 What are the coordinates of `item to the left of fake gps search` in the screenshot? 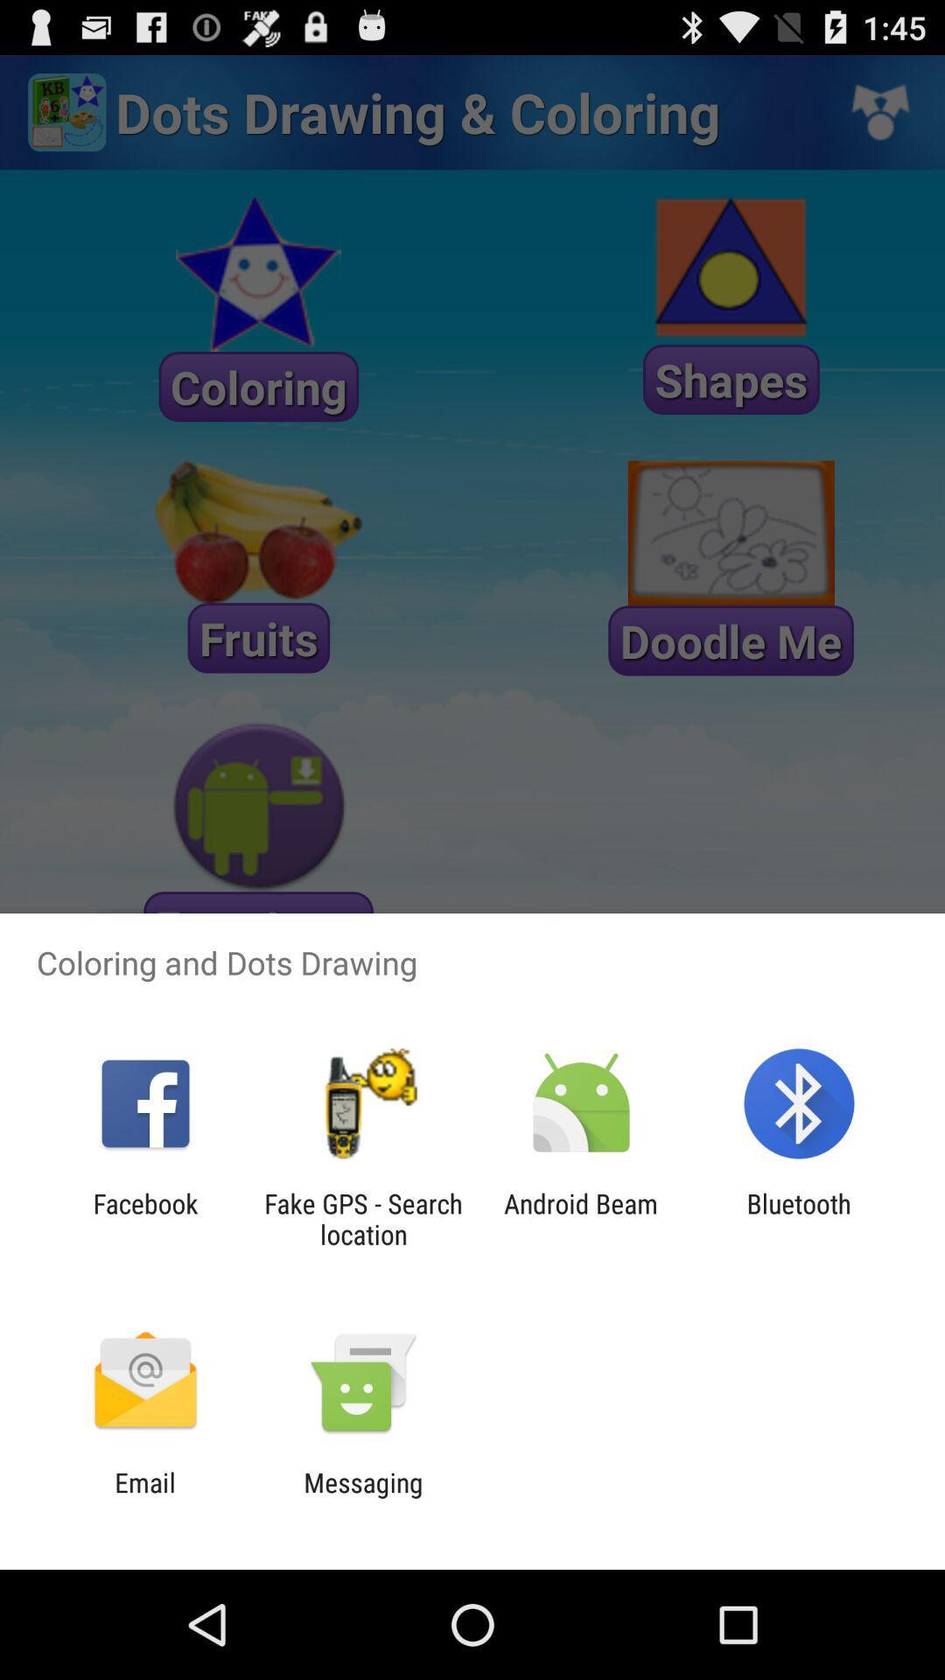 It's located at (144, 1218).